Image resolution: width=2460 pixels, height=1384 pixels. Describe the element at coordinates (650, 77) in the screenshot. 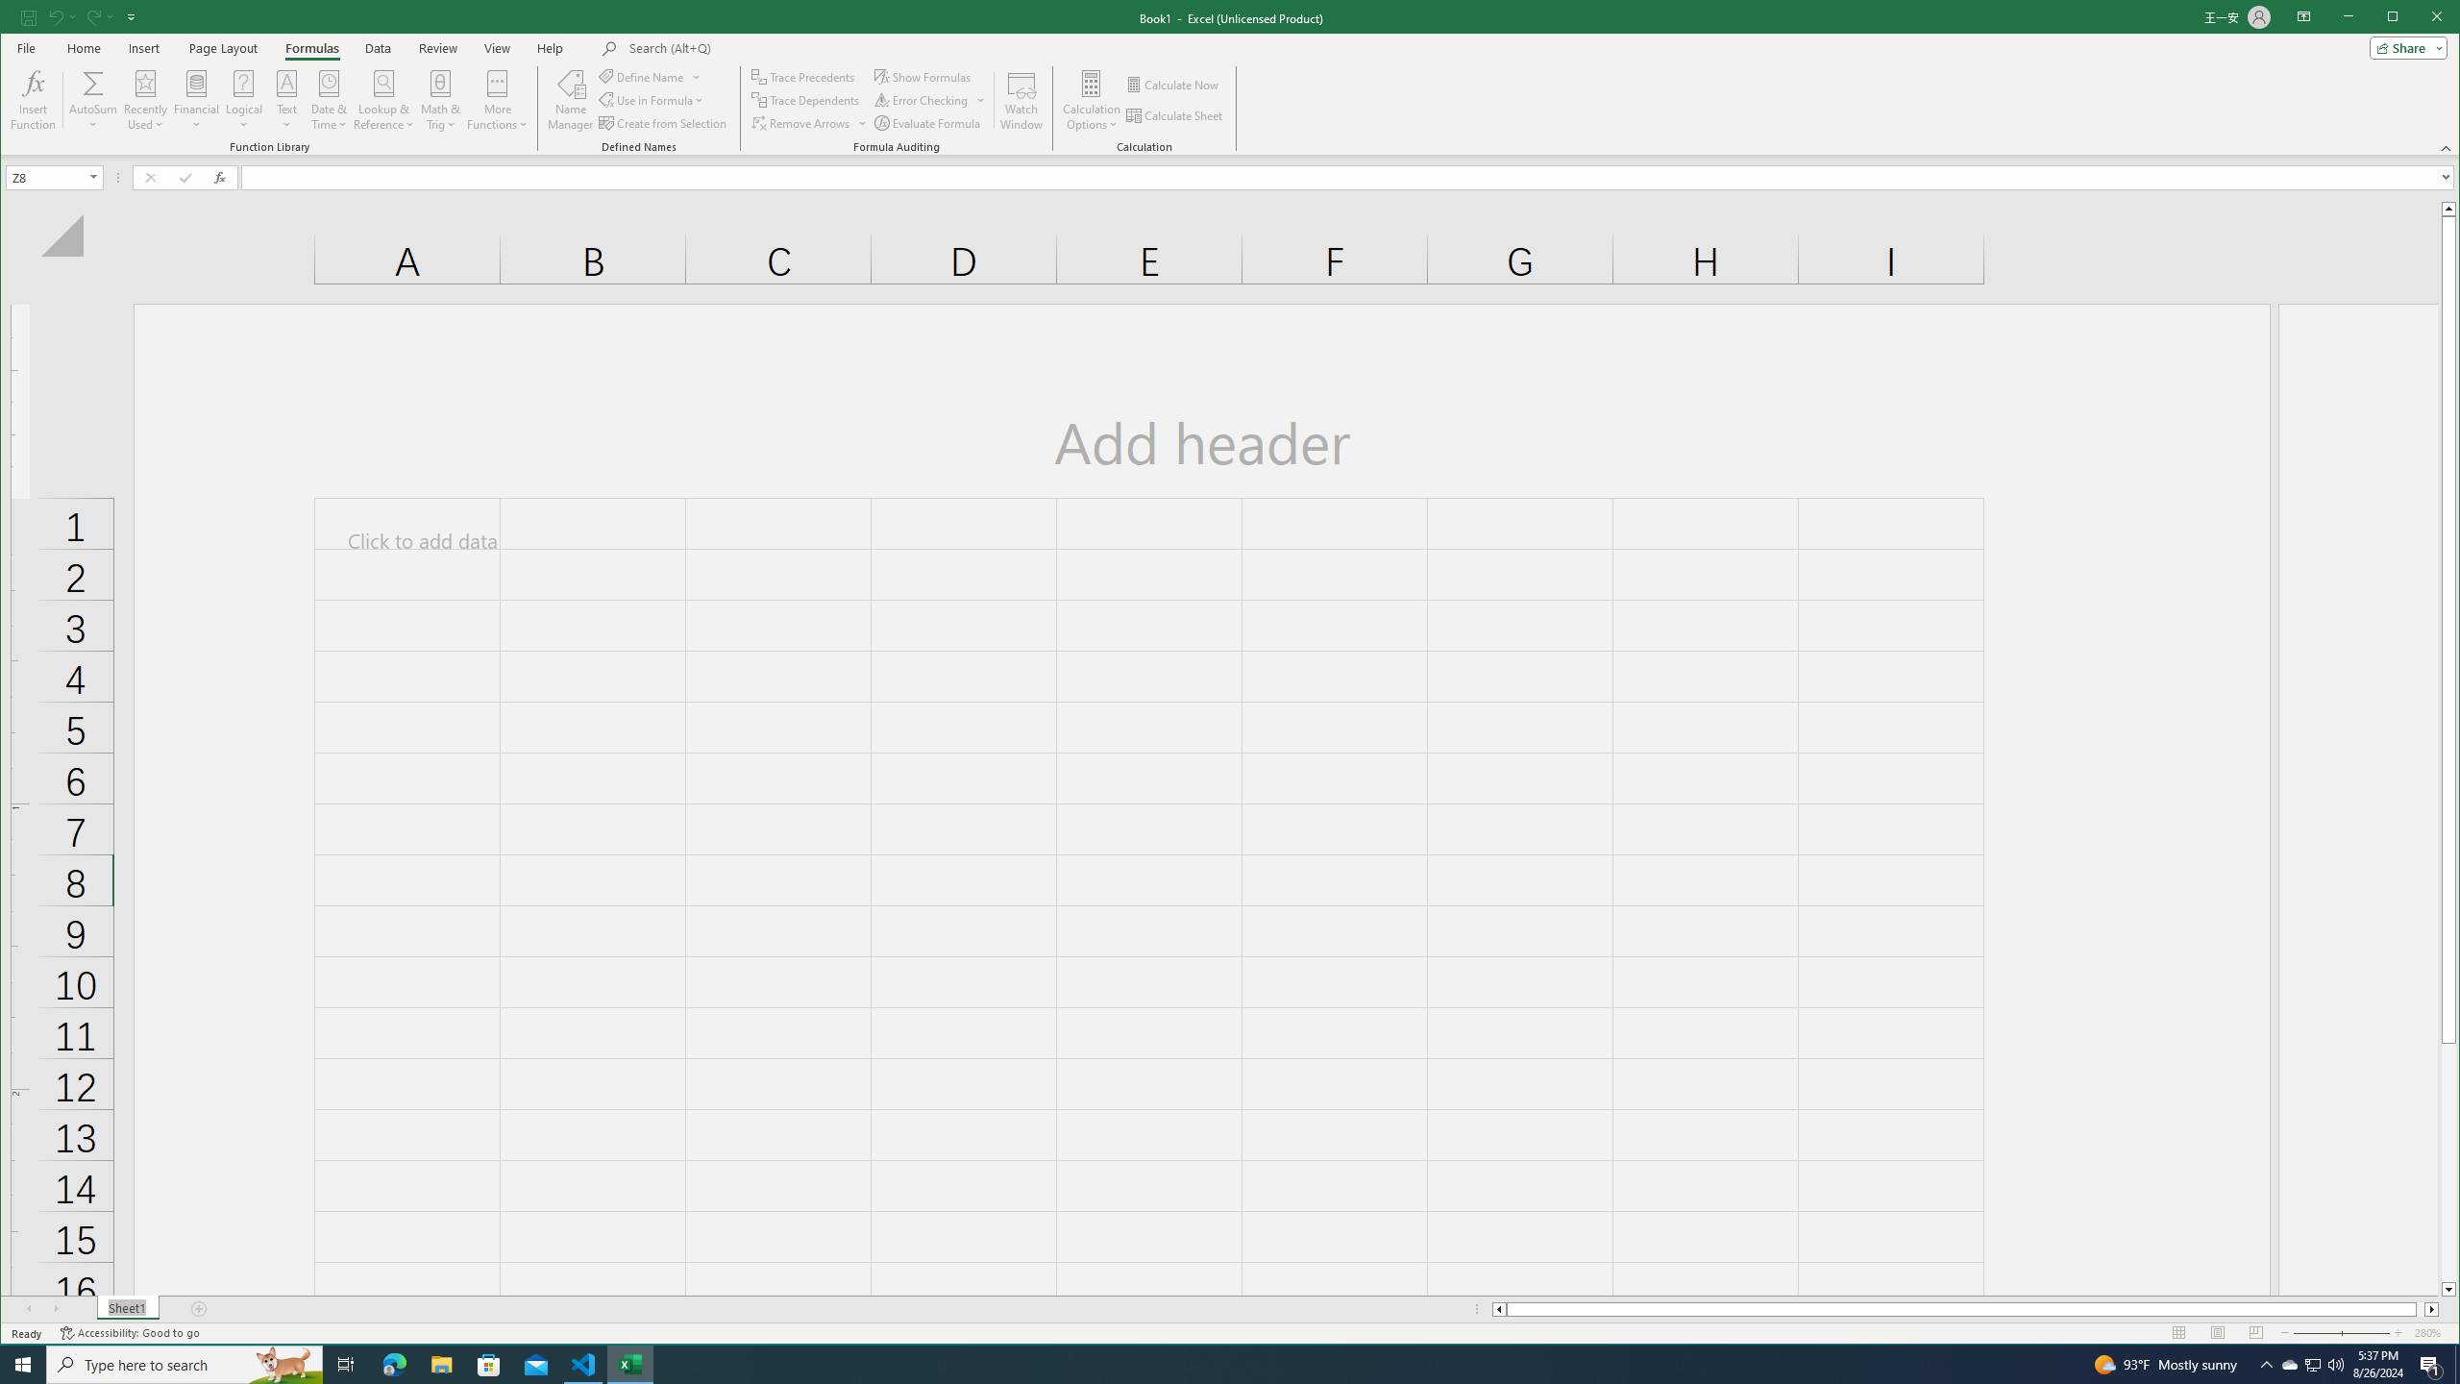

I see `'Define Name'` at that location.